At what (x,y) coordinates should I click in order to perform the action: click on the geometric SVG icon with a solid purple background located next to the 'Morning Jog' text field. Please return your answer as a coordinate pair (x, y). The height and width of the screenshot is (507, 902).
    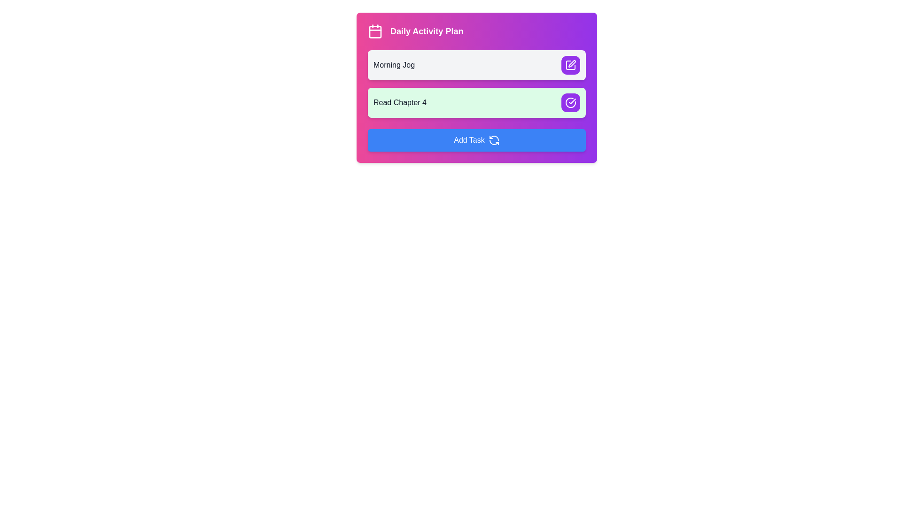
    Looking at the image, I should click on (570, 64).